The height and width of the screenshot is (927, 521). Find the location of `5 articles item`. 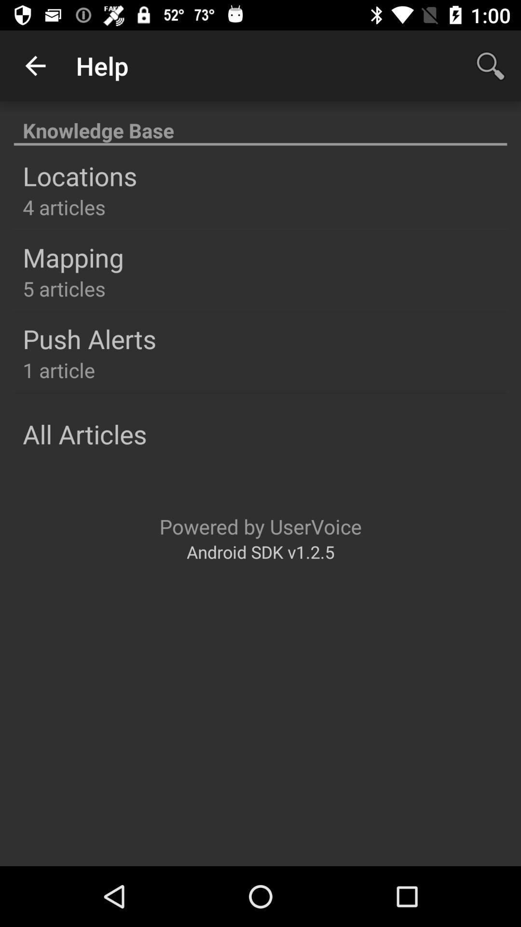

5 articles item is located at coordinates (64, 288).